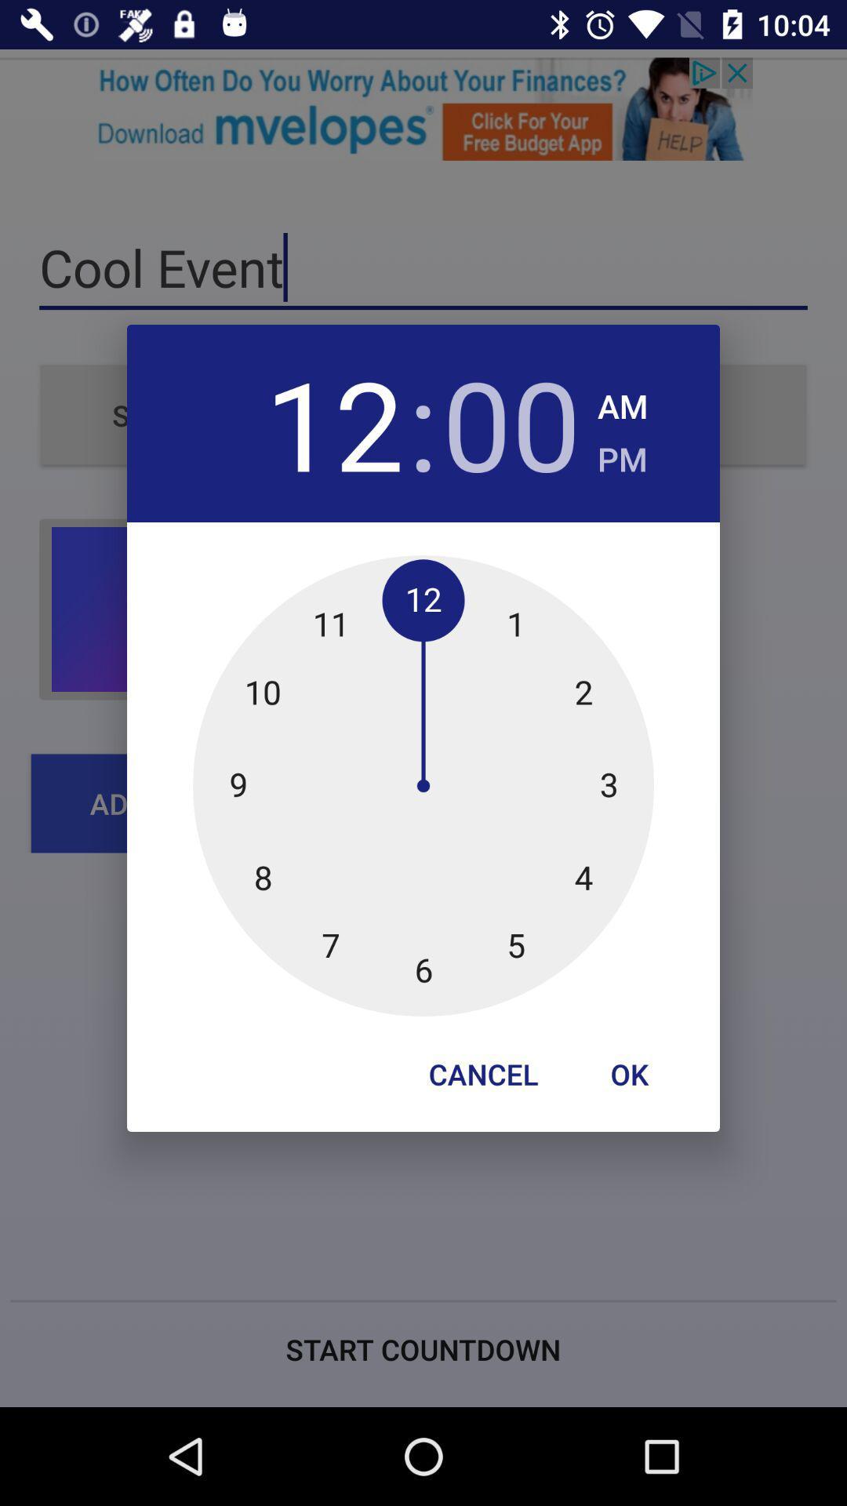 The width and height of the screenshot is (847, 1506). I want to click on icon next to the 00 app, so click(622, 402).